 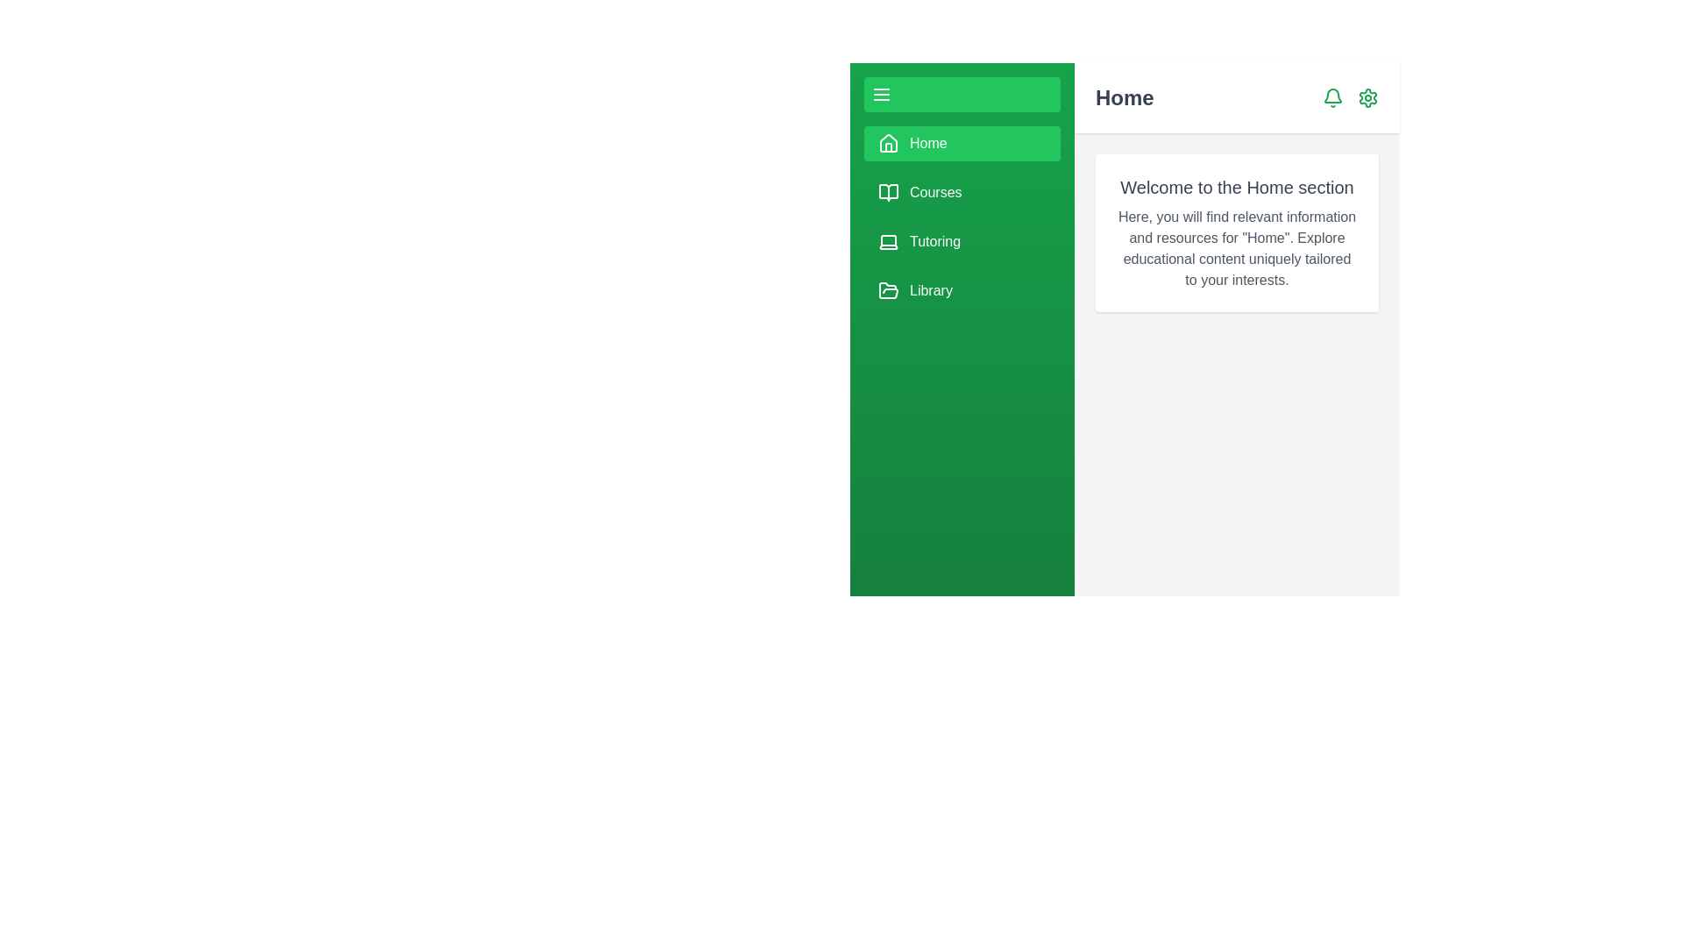 I want to click on the green 'Home' button located in the side navigation panel, which is the first item in the vertical list, so click(x=962, y=143).